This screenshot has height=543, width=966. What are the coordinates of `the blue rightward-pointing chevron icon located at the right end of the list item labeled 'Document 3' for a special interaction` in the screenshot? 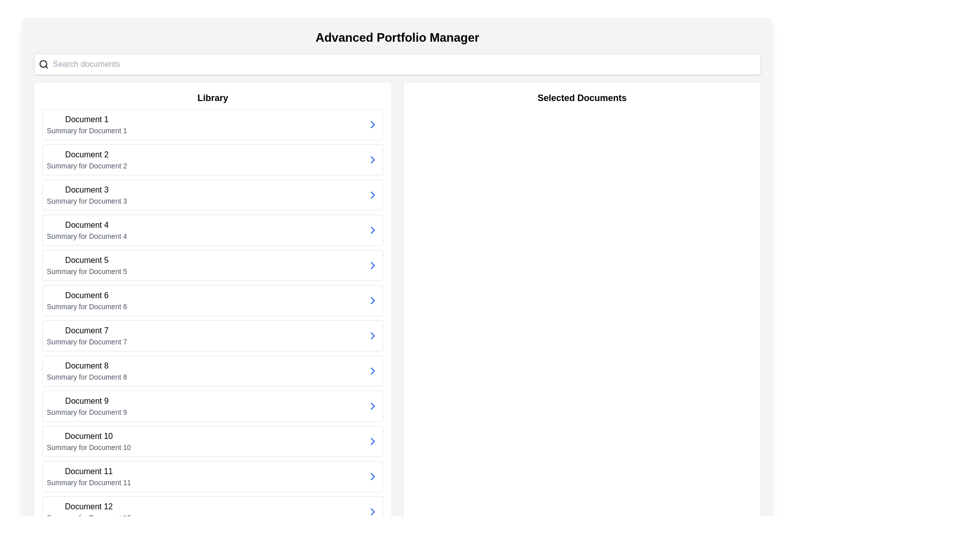 It's located at (372, 195).